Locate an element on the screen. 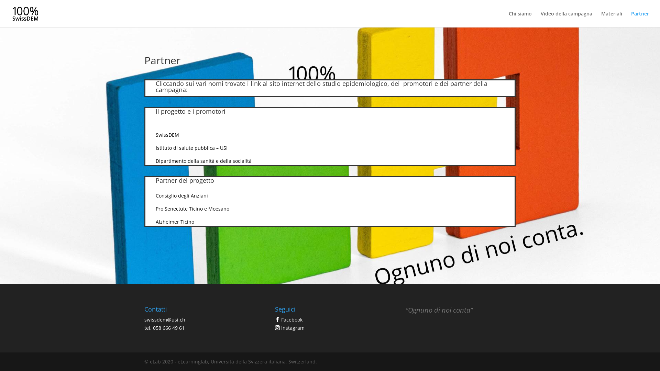 Image resolution: width=660 pixels, height=371 pixels. 'Consiglio degli Anziani' is located at coordinates (181, 195).